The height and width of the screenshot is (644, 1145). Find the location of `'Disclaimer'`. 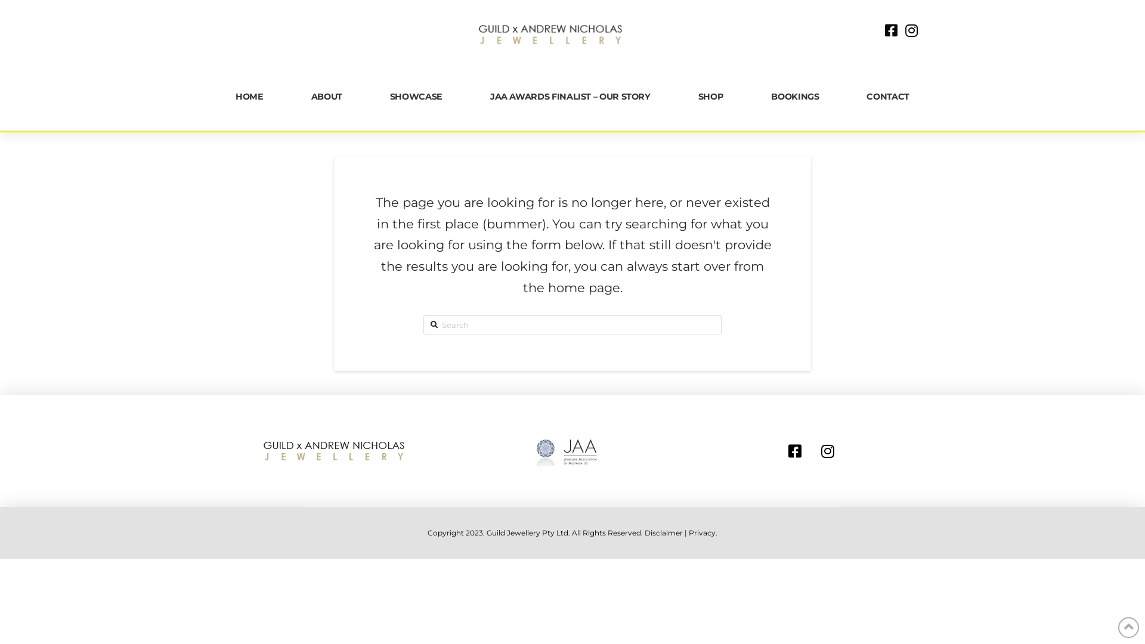

'Disclaimer' is located at coordinates (643, 532).